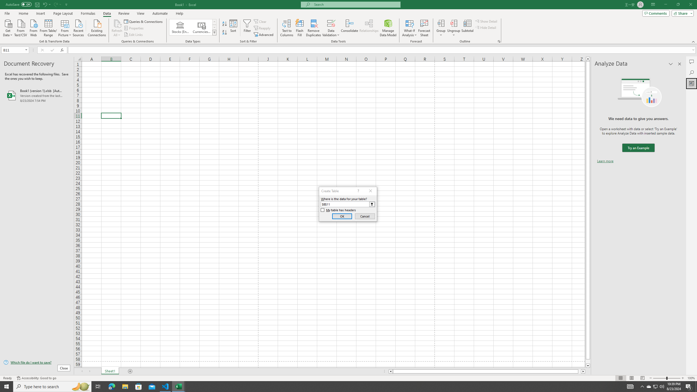 This screenshot has height=392, width=697. Describe the element at coordinates (620, 378) in the screenshot. I see `'Normal'` at that location.